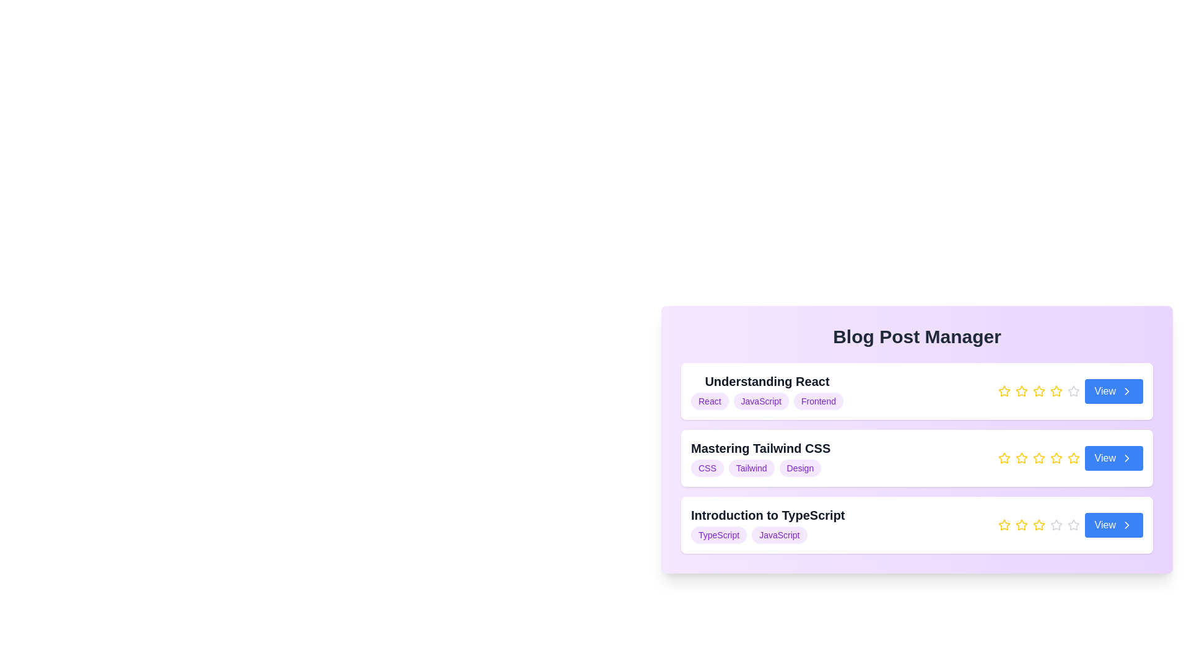 Image resolution: width=1189 pixels, height=669 pixels. What do you see at coordinates (1113, 525) in the screenshot?
I see `the rectangular button with rounded corners that has a vivid blue background and white text reading 'View', located at the right side of the card titled 'Introduction to TypeScript'` at bounding box center [1113, 525].